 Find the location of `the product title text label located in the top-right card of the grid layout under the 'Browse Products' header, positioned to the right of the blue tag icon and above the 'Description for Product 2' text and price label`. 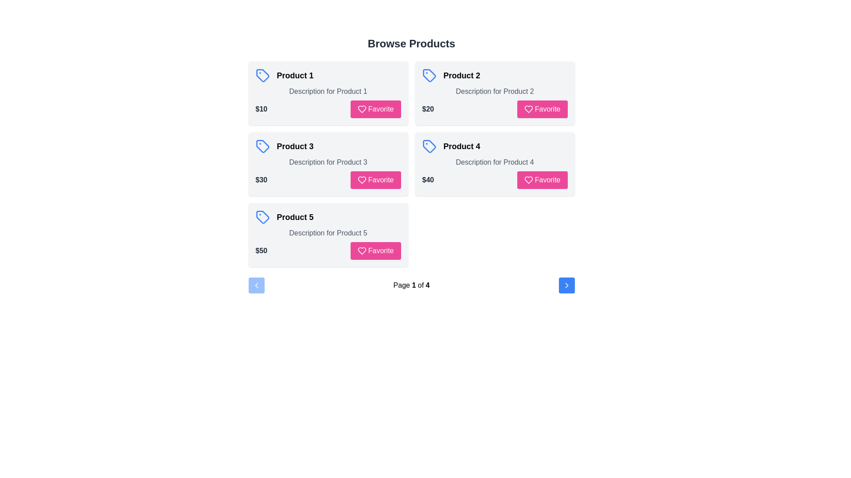

the product title text label located in the top-right card of the grid layout under the 'Browse Products' header, positioned to the right of the blue tag icon and above the 'Description for Product 2' text and price label is located at coordinates (461, 75).